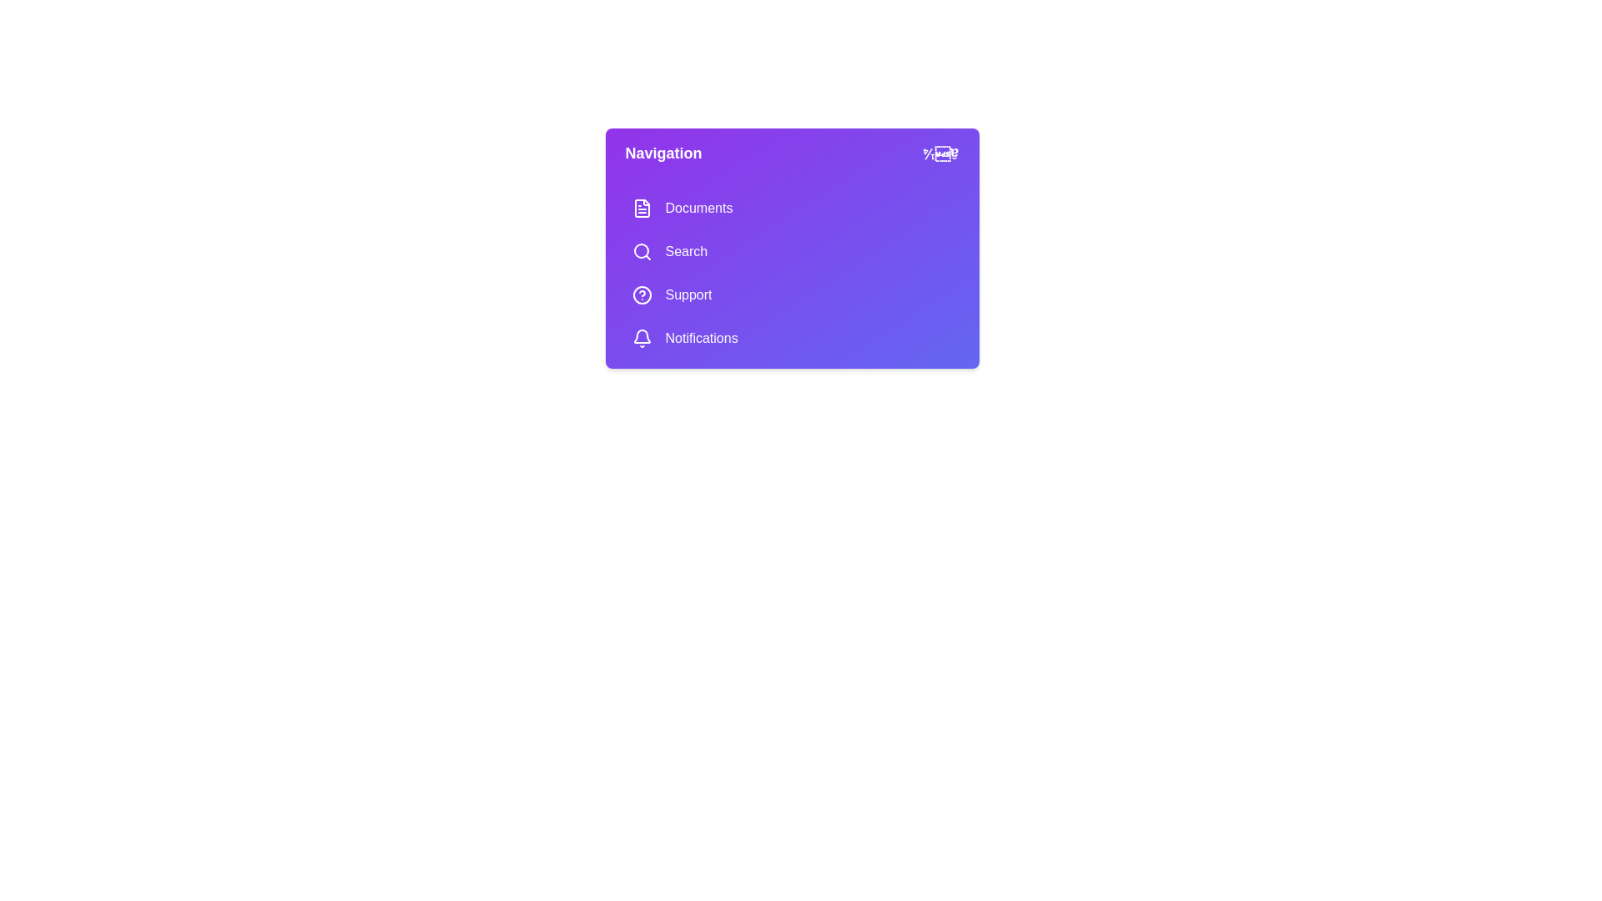 The image size is (1602, 901). What do you see at coordinates (791, 294) in the screenshot?
I see `the menu item Support to navigate` at bounding box center [791, 294].